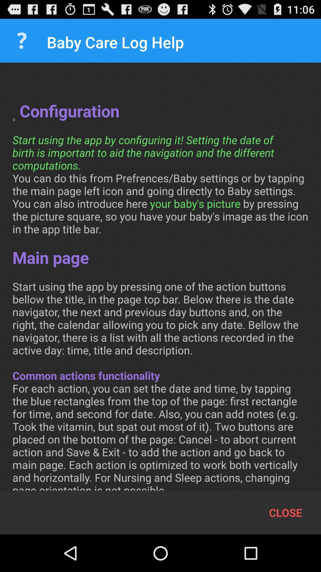 The height and width of the screenshot is (572, 321). I want to click on close item, so click(285, 512).